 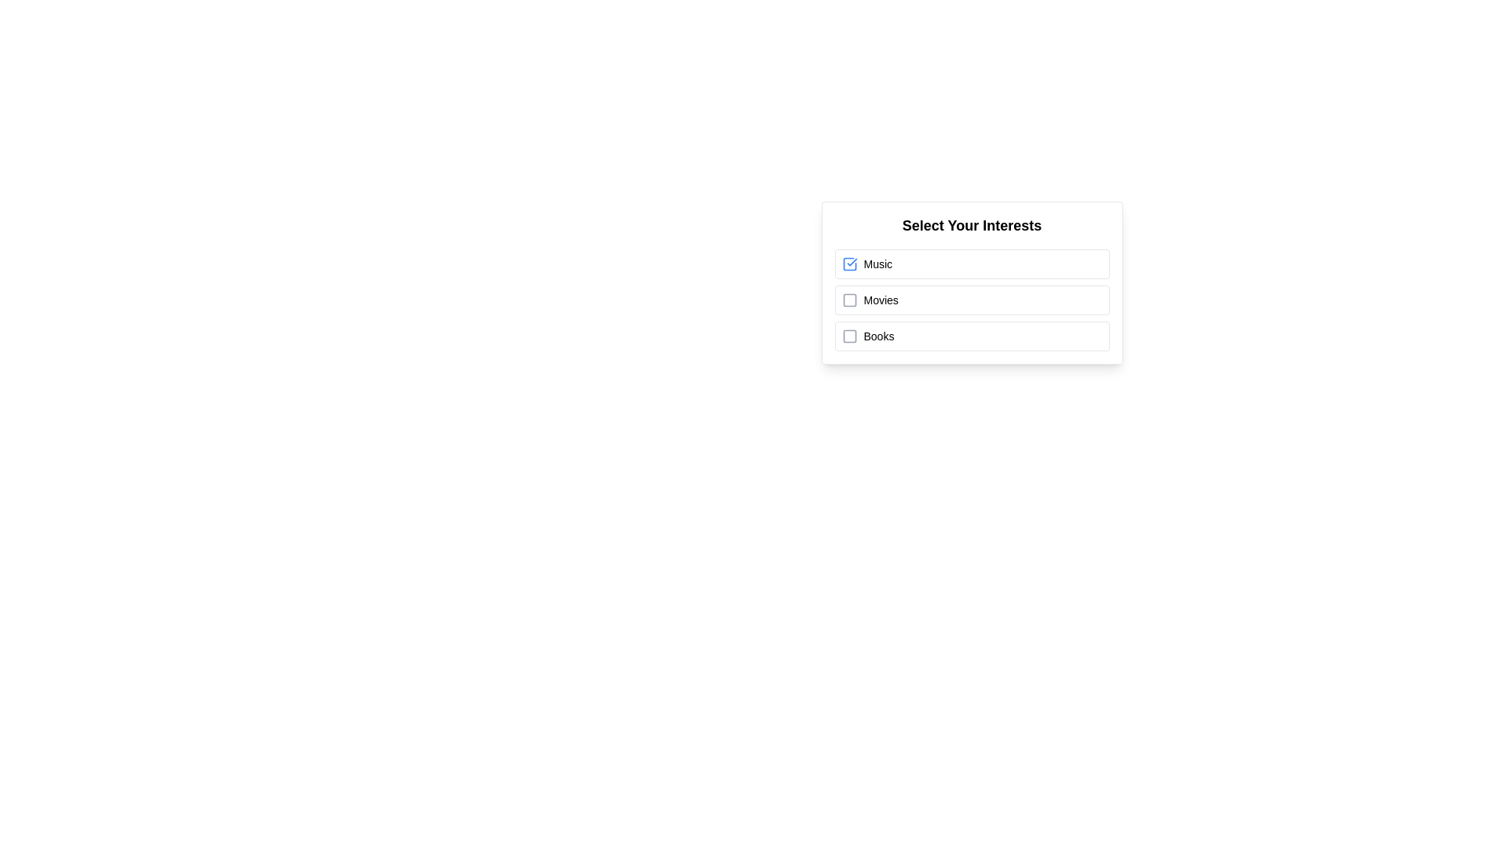 I want to click on the square-shaped checkbox with a light gray outline and a white background, located to the left of the 'Books' label, so click(x=848, y=335).